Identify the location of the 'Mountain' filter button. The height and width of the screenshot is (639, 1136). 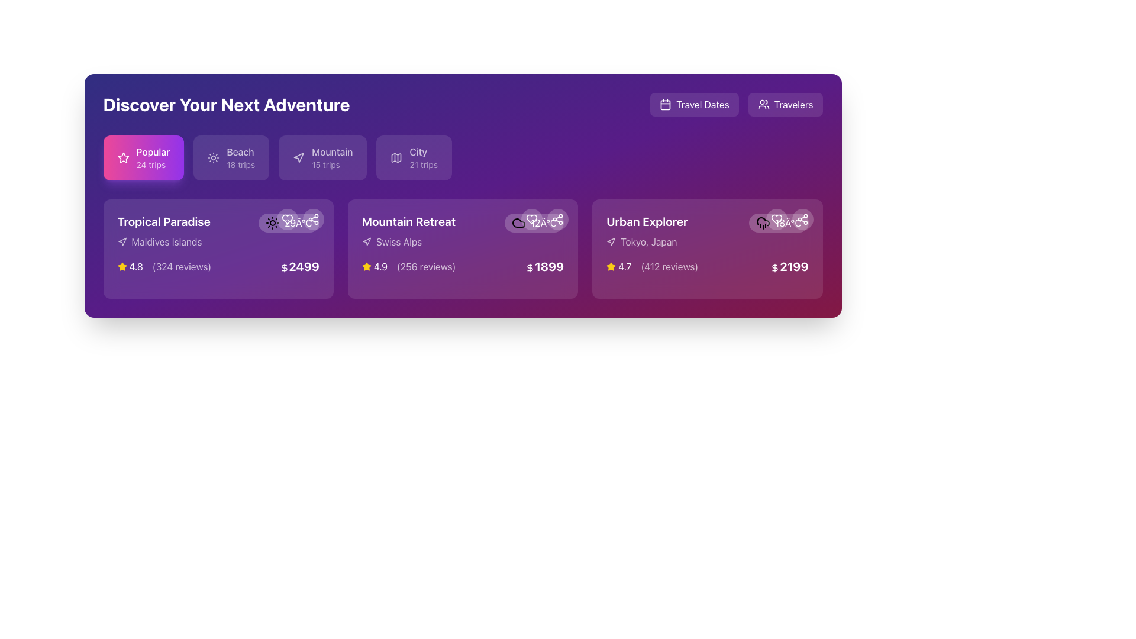
(331, 157).